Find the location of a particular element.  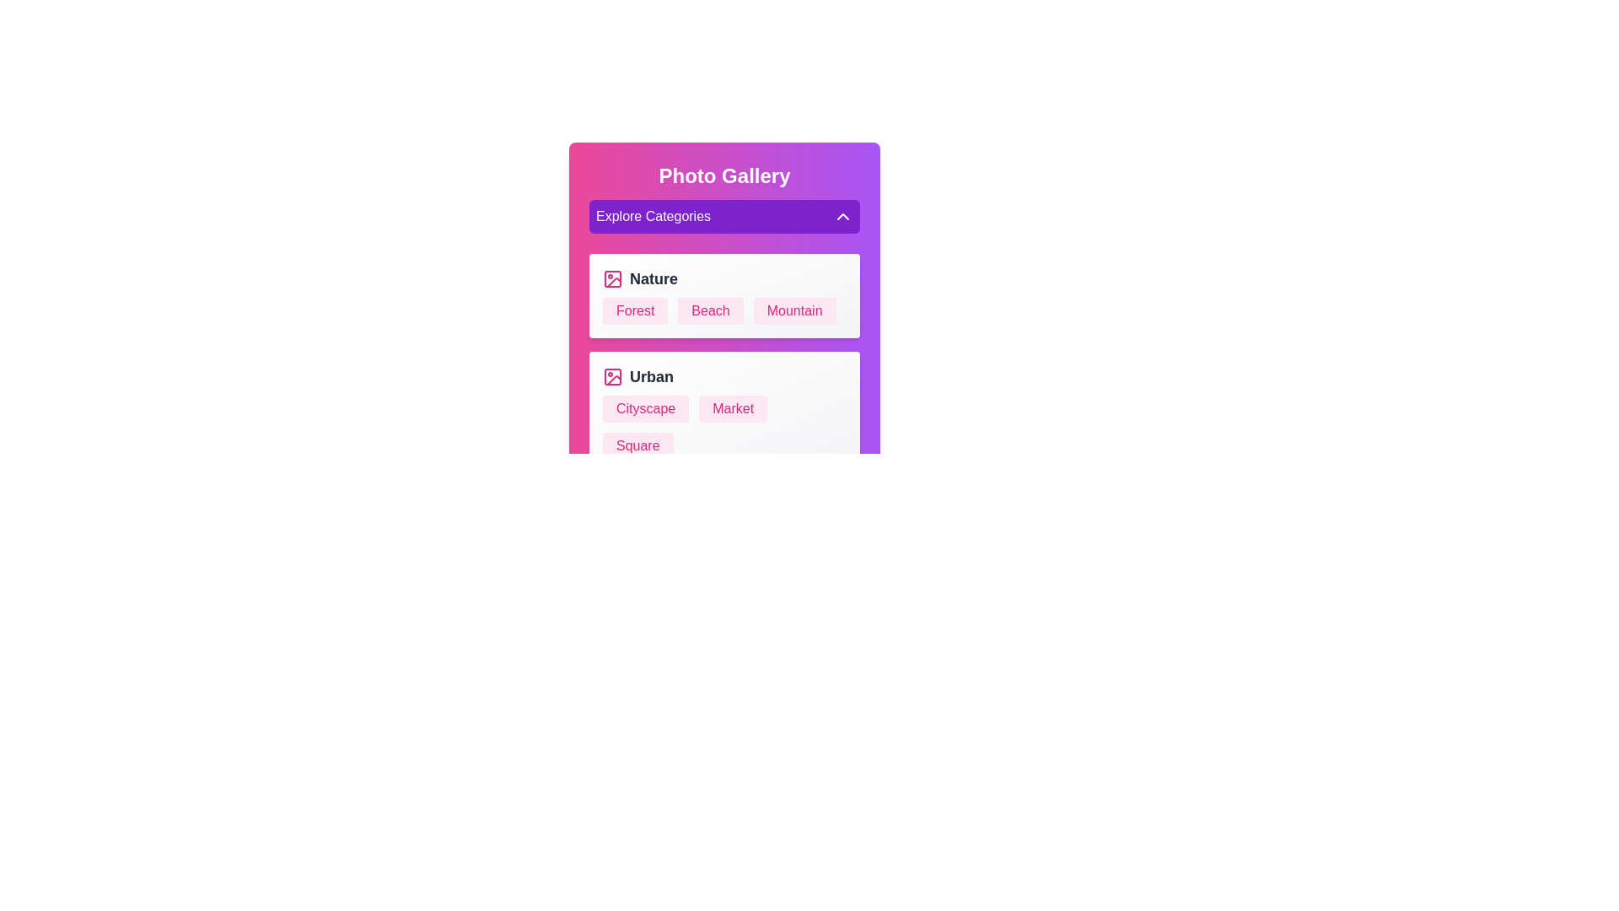

the text element labeled 'Mountain' to select it is located at coordinates (793, 311).